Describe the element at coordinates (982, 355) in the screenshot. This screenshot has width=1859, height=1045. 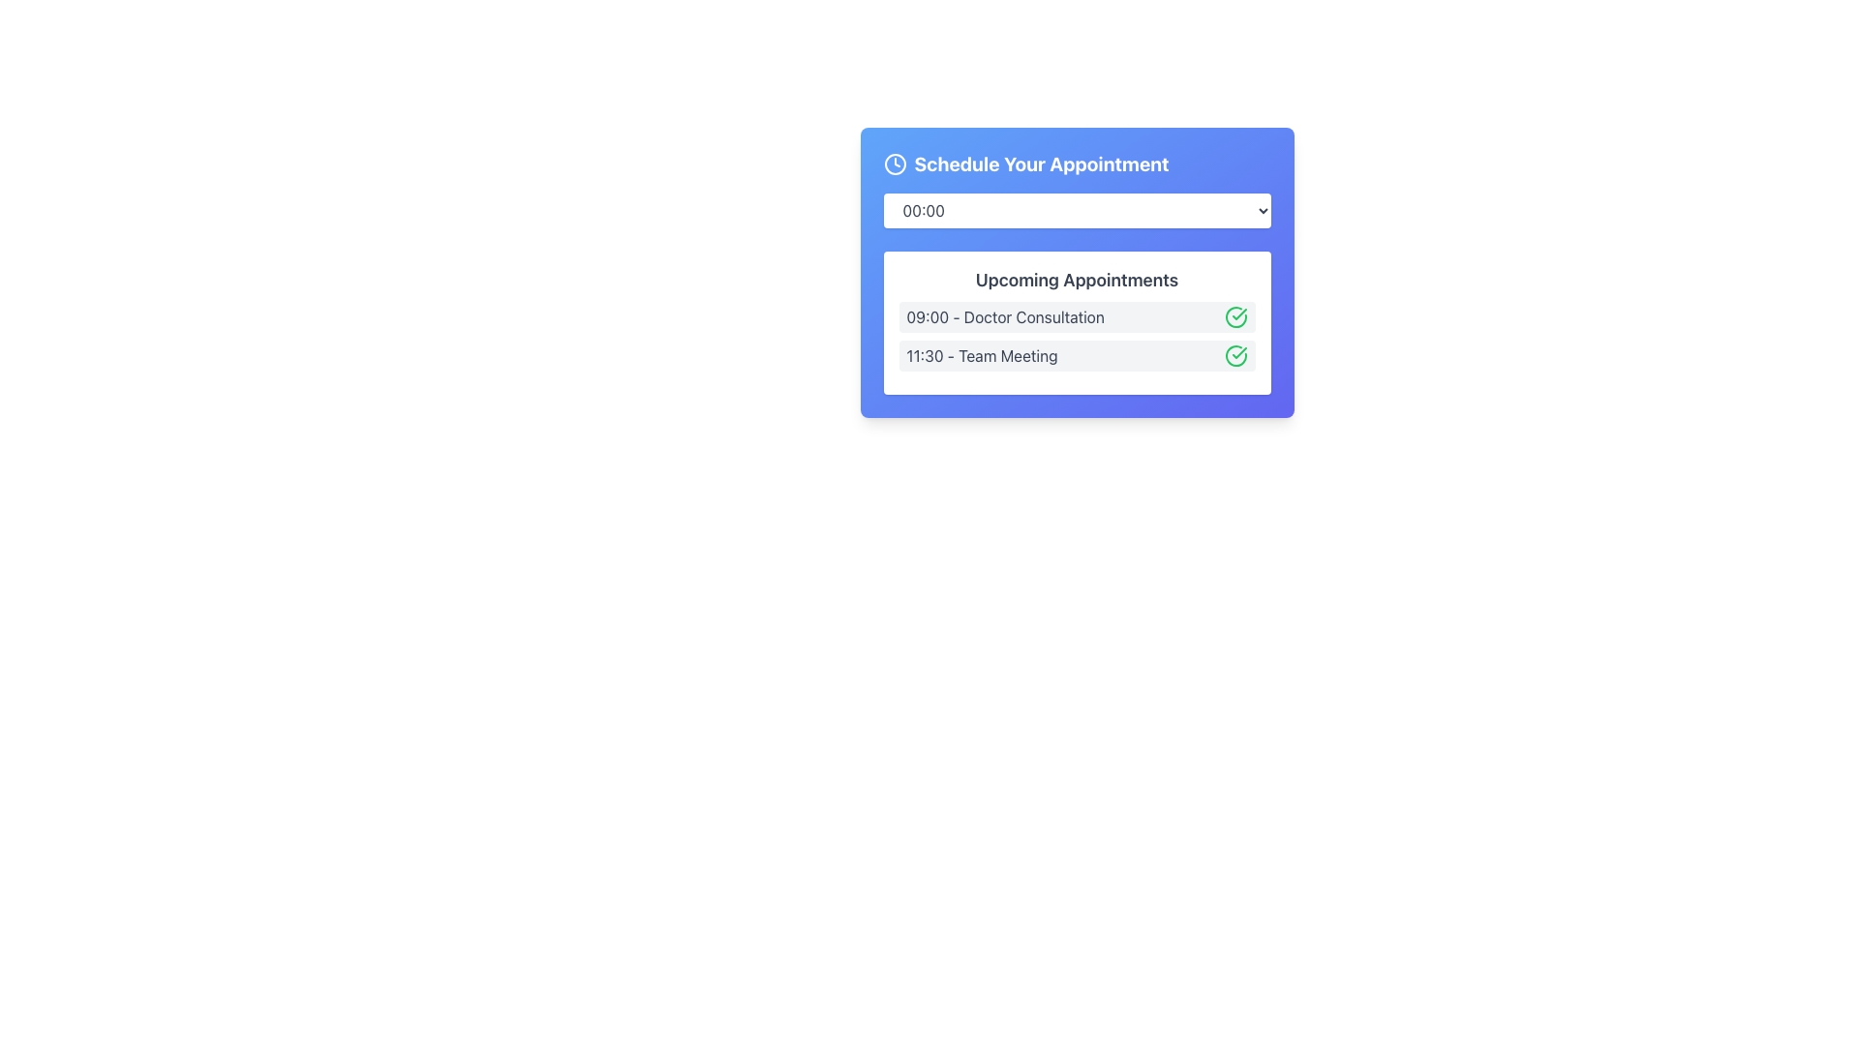
I see `text displayed in the second entry of the 'Upcoming Appointments' list, which shows '11:30 - Team Meeting.'` at that location.